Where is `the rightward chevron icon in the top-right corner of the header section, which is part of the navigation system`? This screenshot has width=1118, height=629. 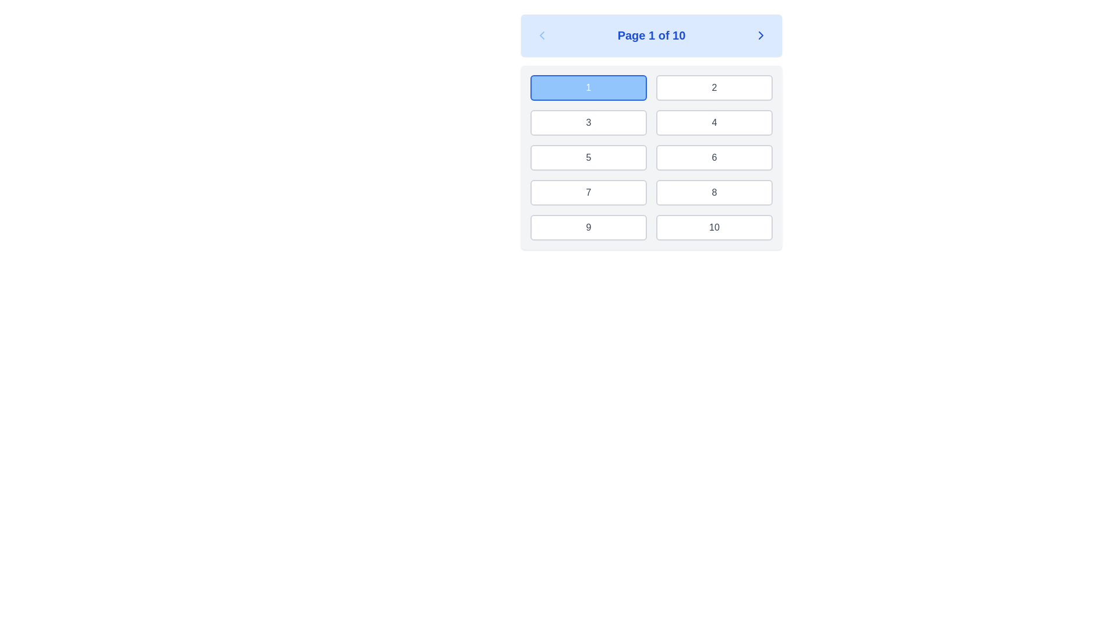 the rightward chevron icon in the top-right corner of the header section, which is part of the navigation system is located at coordinates (760, 35).